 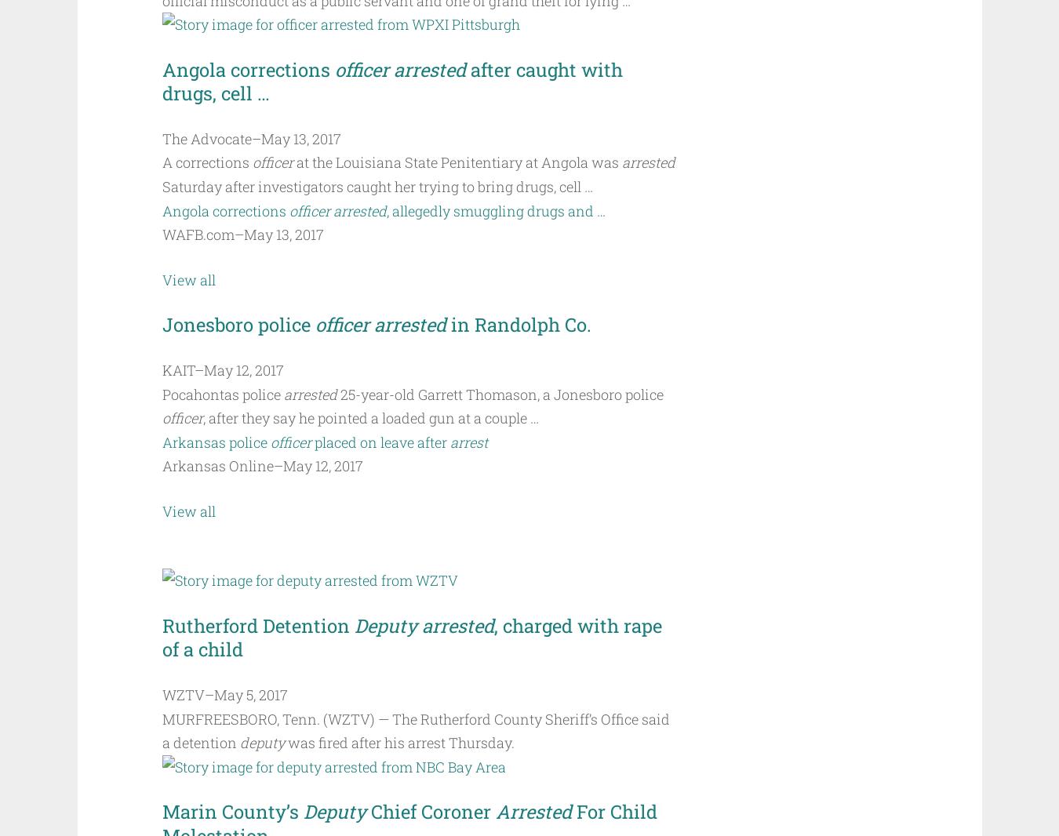 What do you see at coordinates (376, 186) in the screenshot?
I see `'Saturday after investigators caught her trying to bring drugs, cell …'` at bounding box center [376, 186].